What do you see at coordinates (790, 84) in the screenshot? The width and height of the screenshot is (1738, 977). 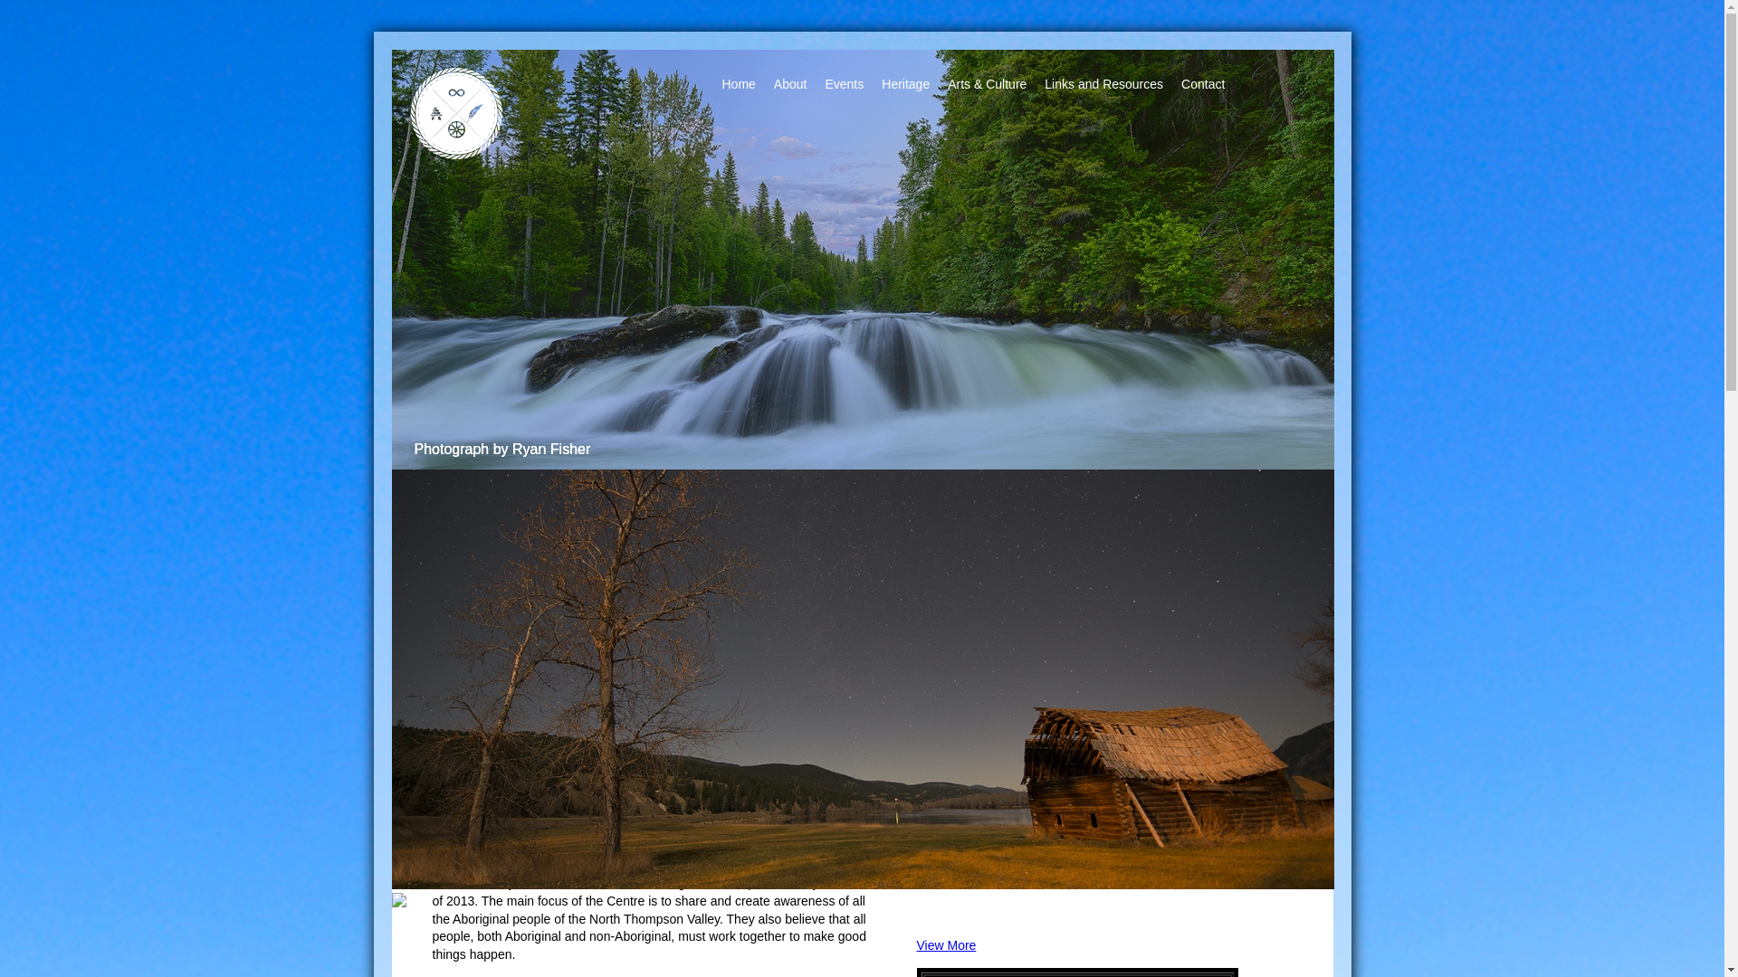 I see `'About'` at bounding box center [790, 84].